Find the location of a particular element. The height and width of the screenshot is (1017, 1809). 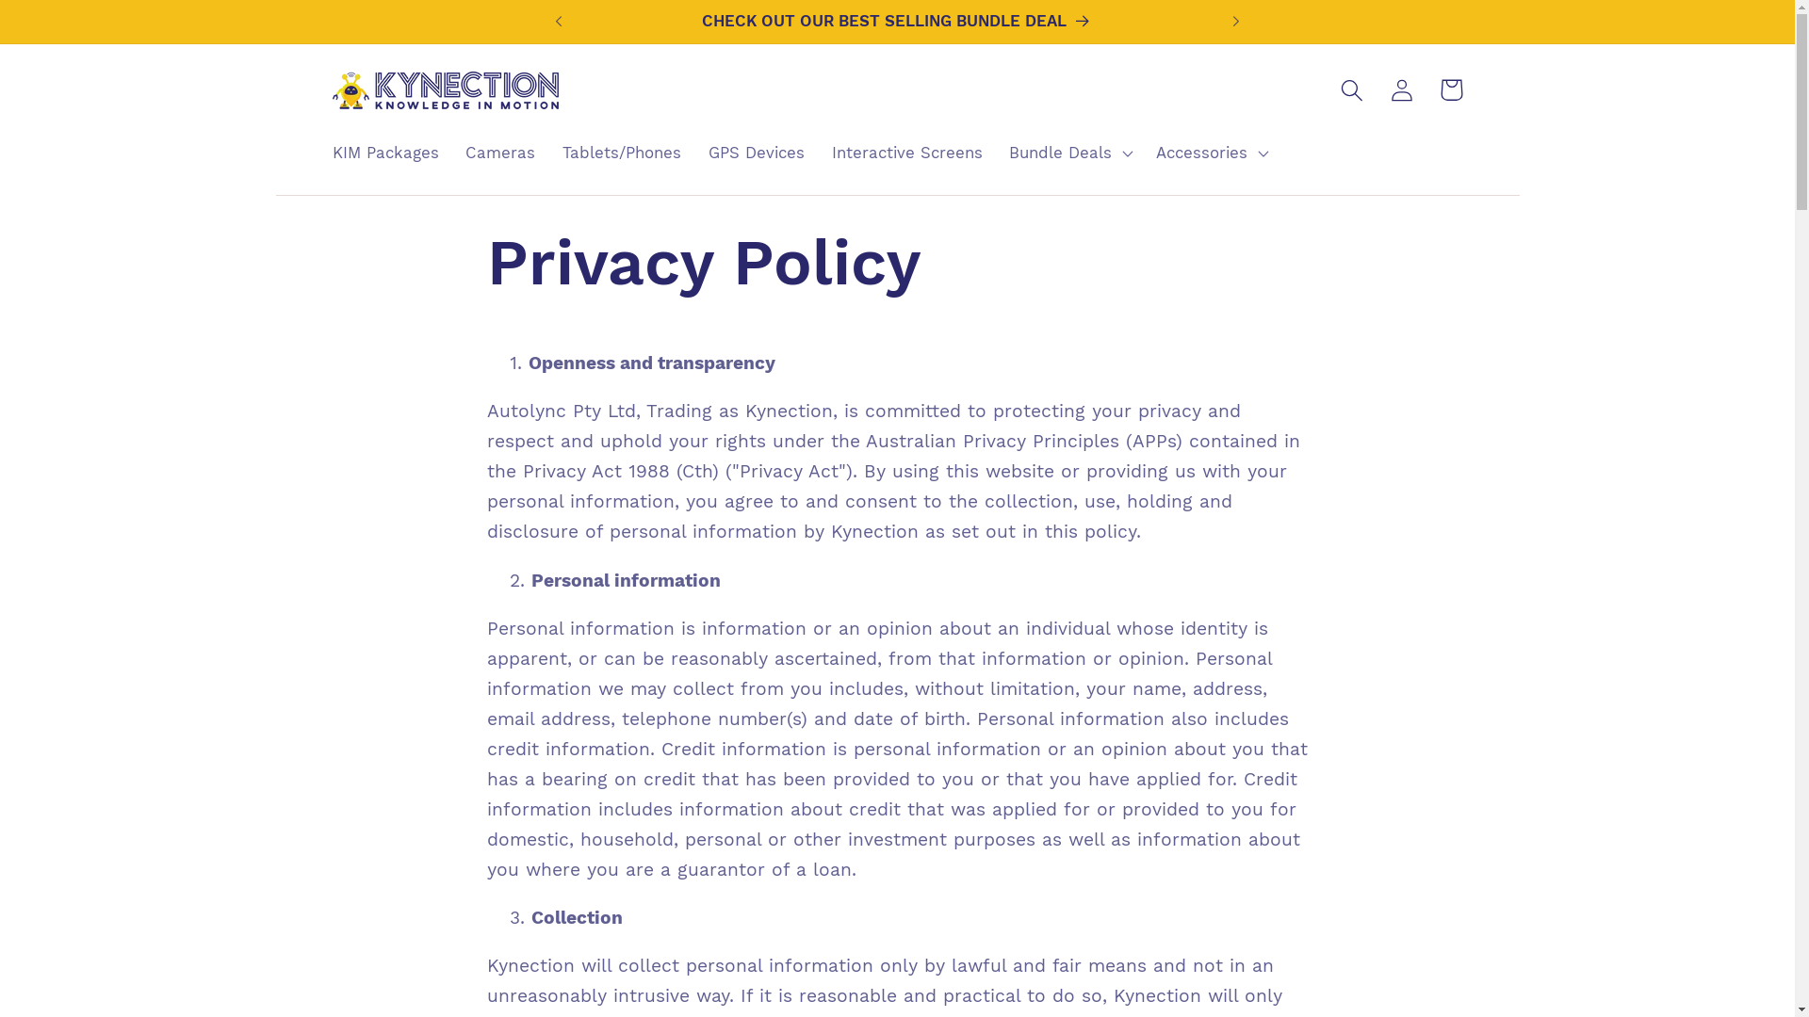

'Log in' is located at coordinates (1401, 89).